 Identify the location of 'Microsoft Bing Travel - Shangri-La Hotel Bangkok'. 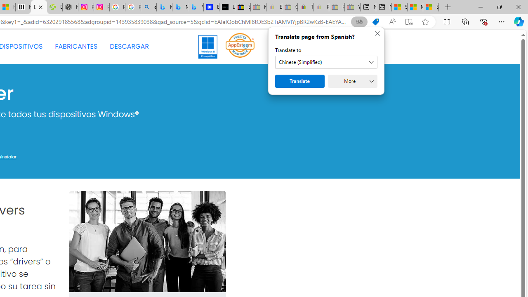
(195, 7).